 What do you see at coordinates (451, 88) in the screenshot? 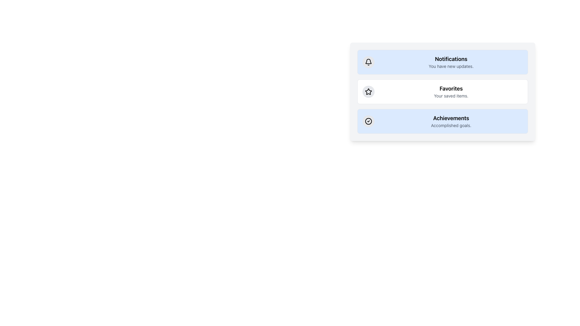
I see `the 'Favorites' text label, which is prominently displayed in a larger font size and styled in bold, serving as a heading above the text 'Your saved items.'` at bounding box center [451, 88].